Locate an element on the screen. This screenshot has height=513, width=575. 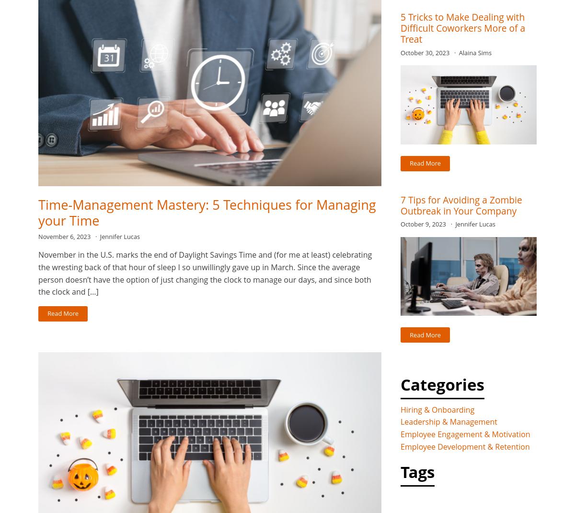
'Employee Development & Retention' is located at coordinates (400, 446).